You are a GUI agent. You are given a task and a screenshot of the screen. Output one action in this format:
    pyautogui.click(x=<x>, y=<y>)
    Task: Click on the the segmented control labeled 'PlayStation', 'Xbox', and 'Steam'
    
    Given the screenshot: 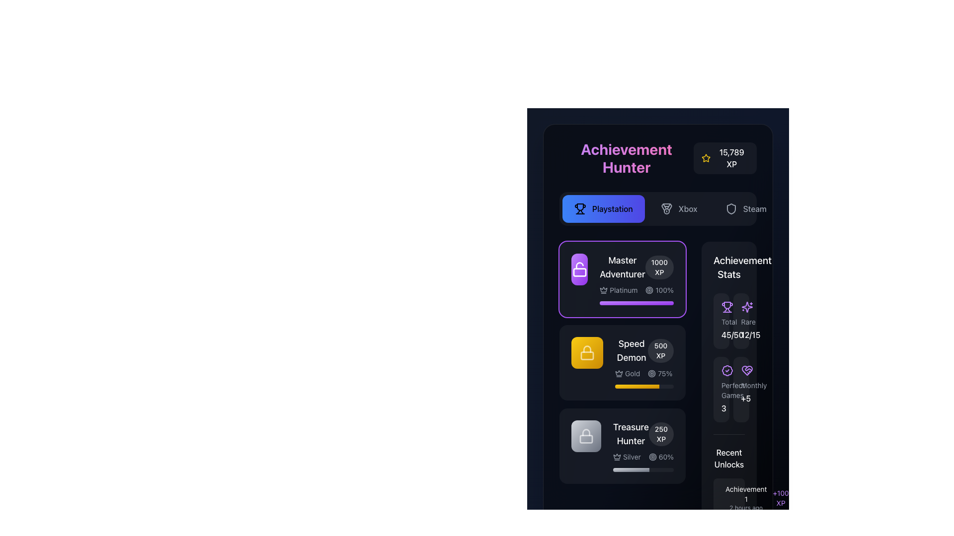 What is the action you would take?
    pyautogui.click(x=658, y=208)
    